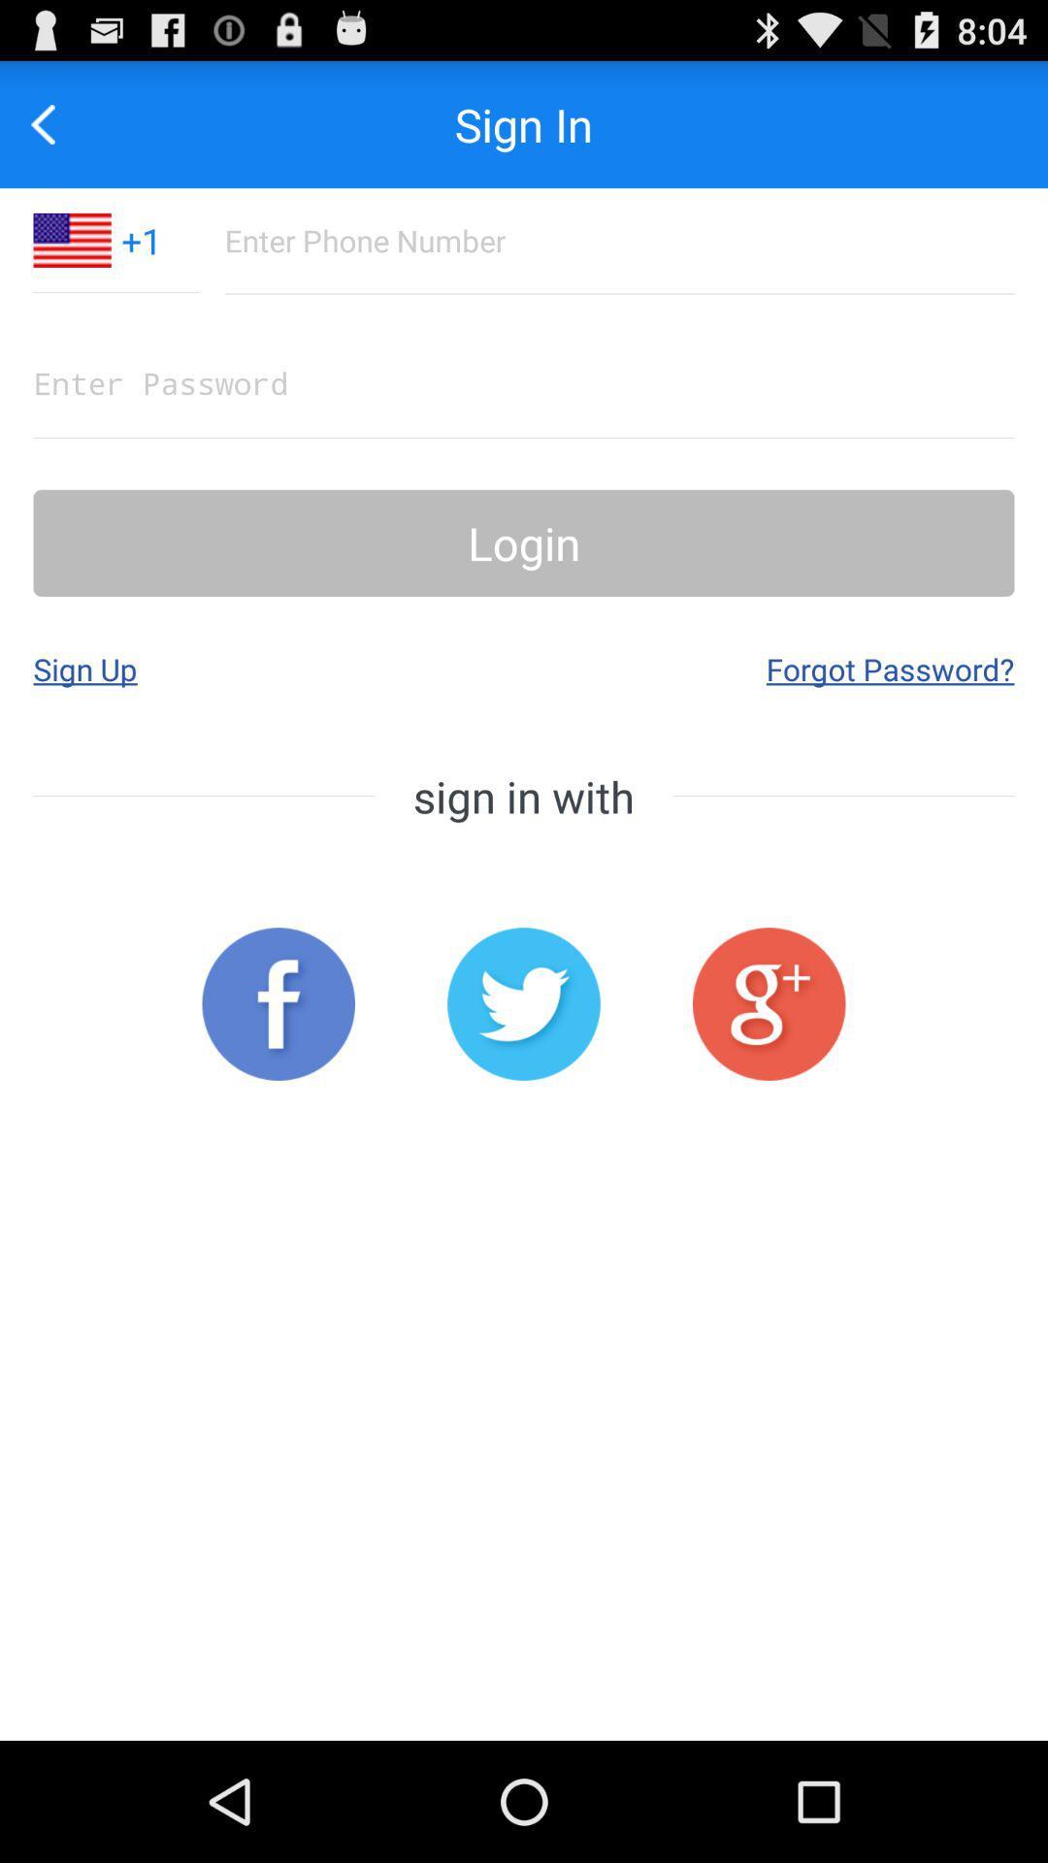  I want to click on button below login icon, so click(890, 669).